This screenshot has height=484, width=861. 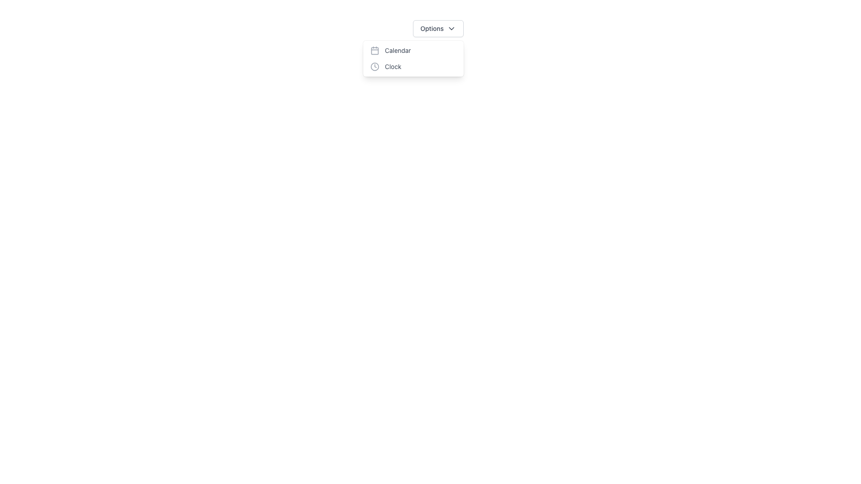 What do you see at coordinates (375, 50) in the screenshot?
I see `the calendar icon, which is a square icon with rounded corners and a minimalistic design, located to the left of the 'Calendar' text` at bounding box center [375, 50].